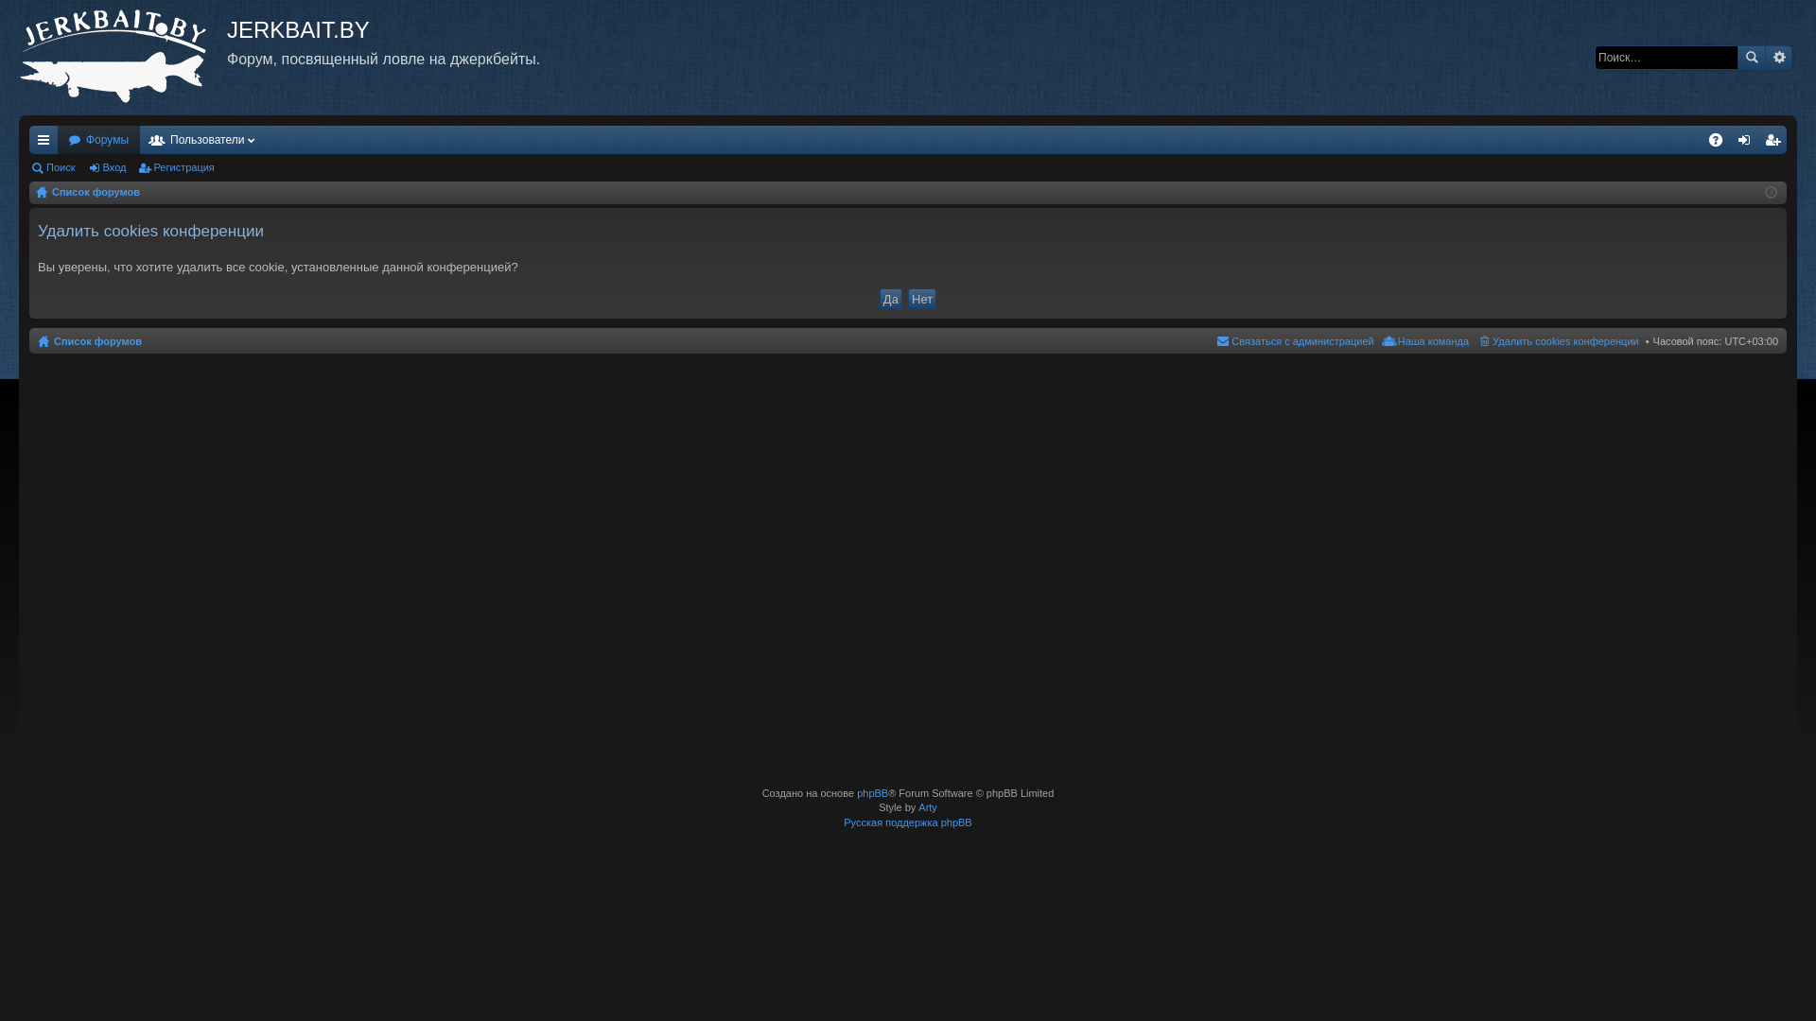  I want to click on 'FAQ', so click(1702, 138).